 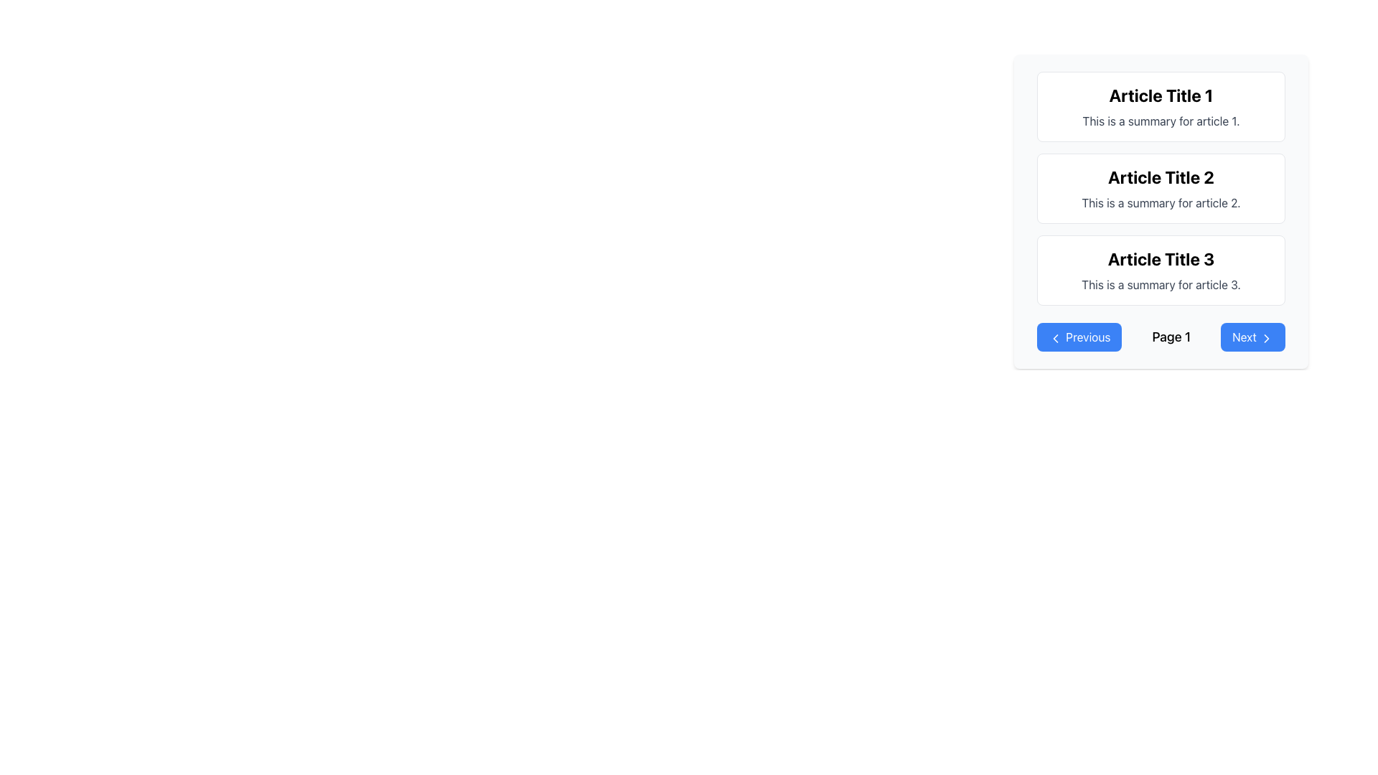 I want to click on the right-pointing chevron icon which is styled with a thin stroke and is positioned adjacent to the 'Next' button, so click(x=1267, y=338).